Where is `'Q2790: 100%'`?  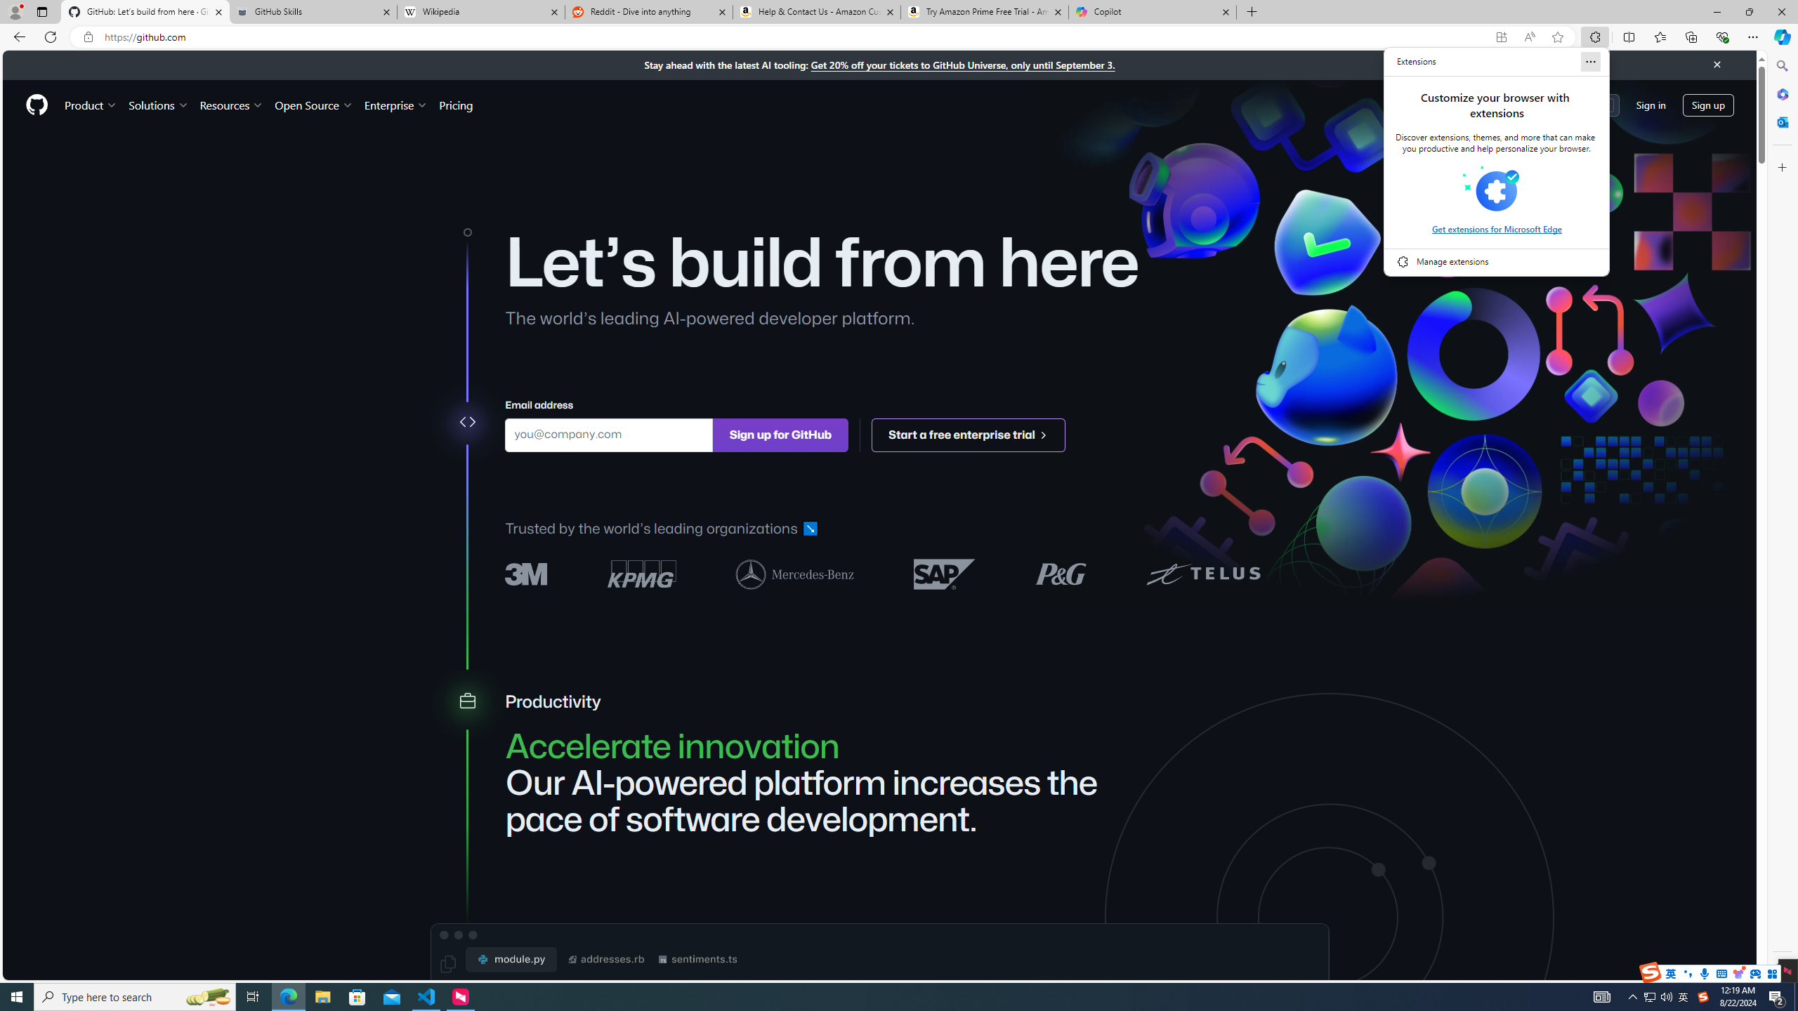
'Q2790: 100%' is located at coordinates (1666, 996).